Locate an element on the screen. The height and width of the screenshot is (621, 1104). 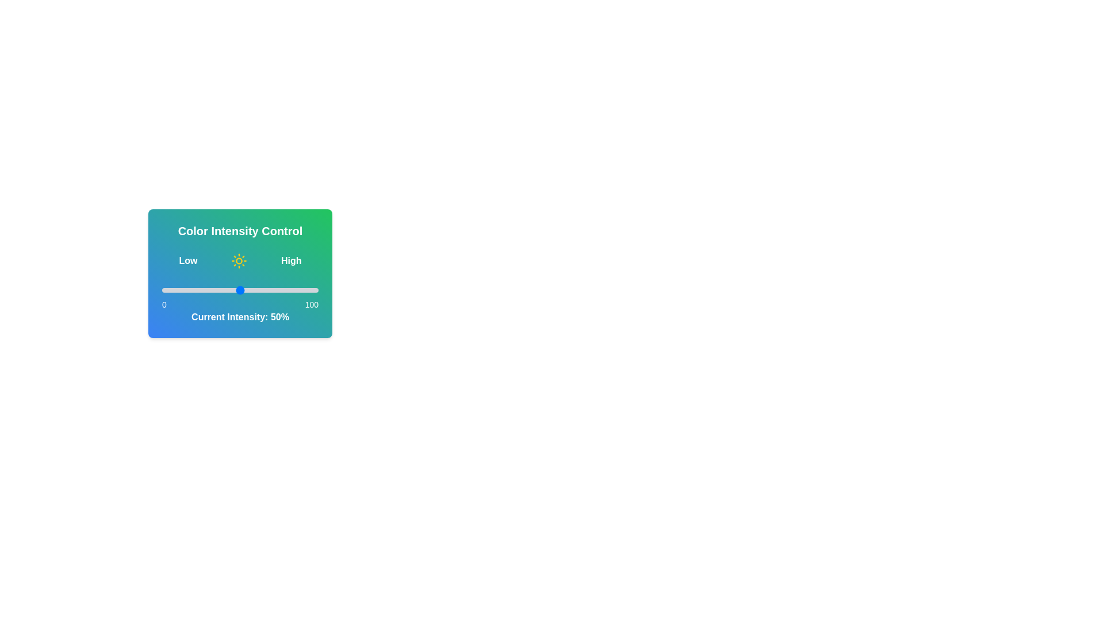
the slider value is located at coordinates (256, 290).